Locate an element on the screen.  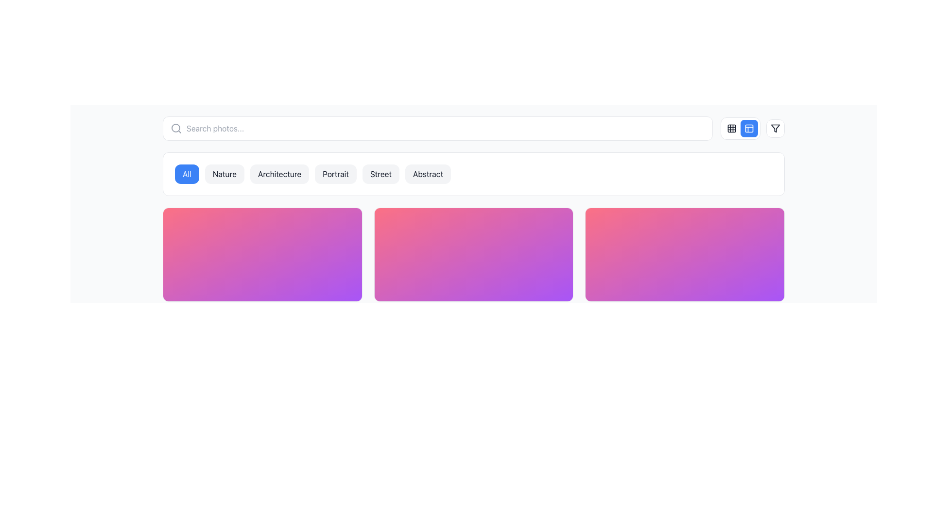
the 'Abstract' button, which has rounded corners and a light background is located at coordinates (428, 173).